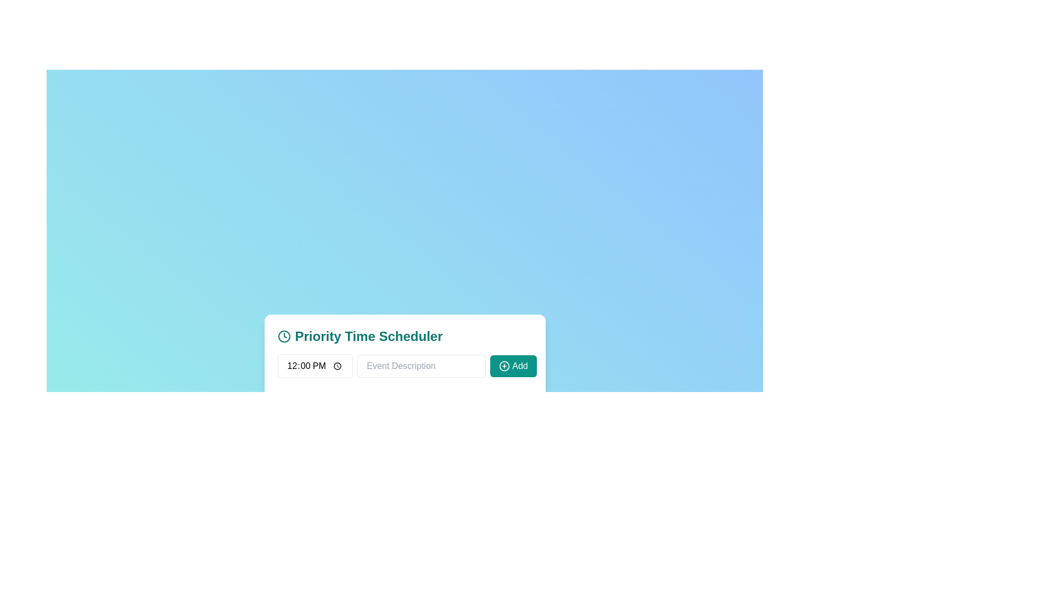 Image resolution: width=1054 pixels, height=593 pixels. What do you see at coordinates (315, 366) in the screenshot?
I see `the time input field displaying '12:00 PM' in bold text` at bounding box center [315, 366].